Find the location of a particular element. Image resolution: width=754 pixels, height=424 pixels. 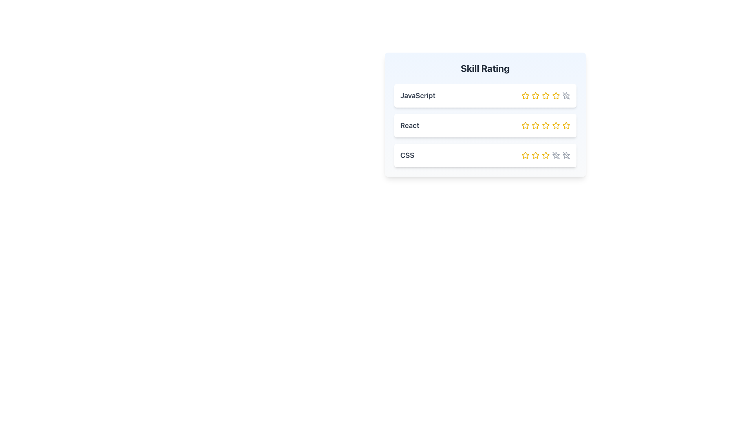

the second yellow star icon for ratings associated with 'JavaScript' is located at coordinates (535, 95).